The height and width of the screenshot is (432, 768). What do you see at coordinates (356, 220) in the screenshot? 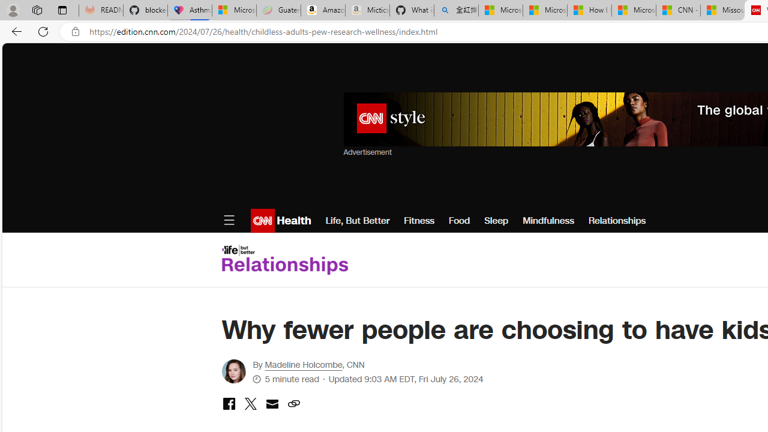
I see `'Life, But Better'` at bounding box center [356, 220].